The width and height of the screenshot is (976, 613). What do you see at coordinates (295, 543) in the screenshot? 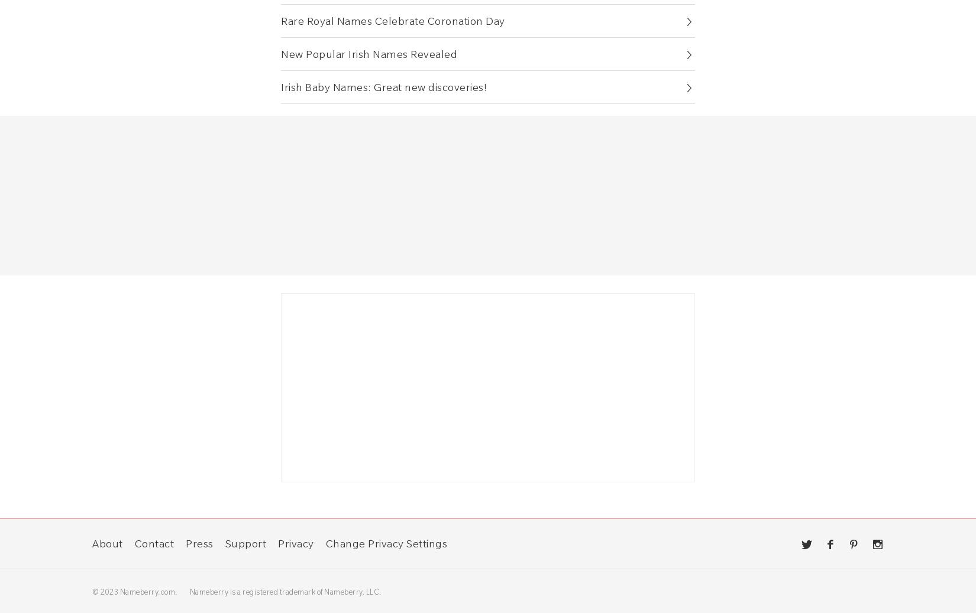
I see `'Privacy'` at bounding box center [295, 543].